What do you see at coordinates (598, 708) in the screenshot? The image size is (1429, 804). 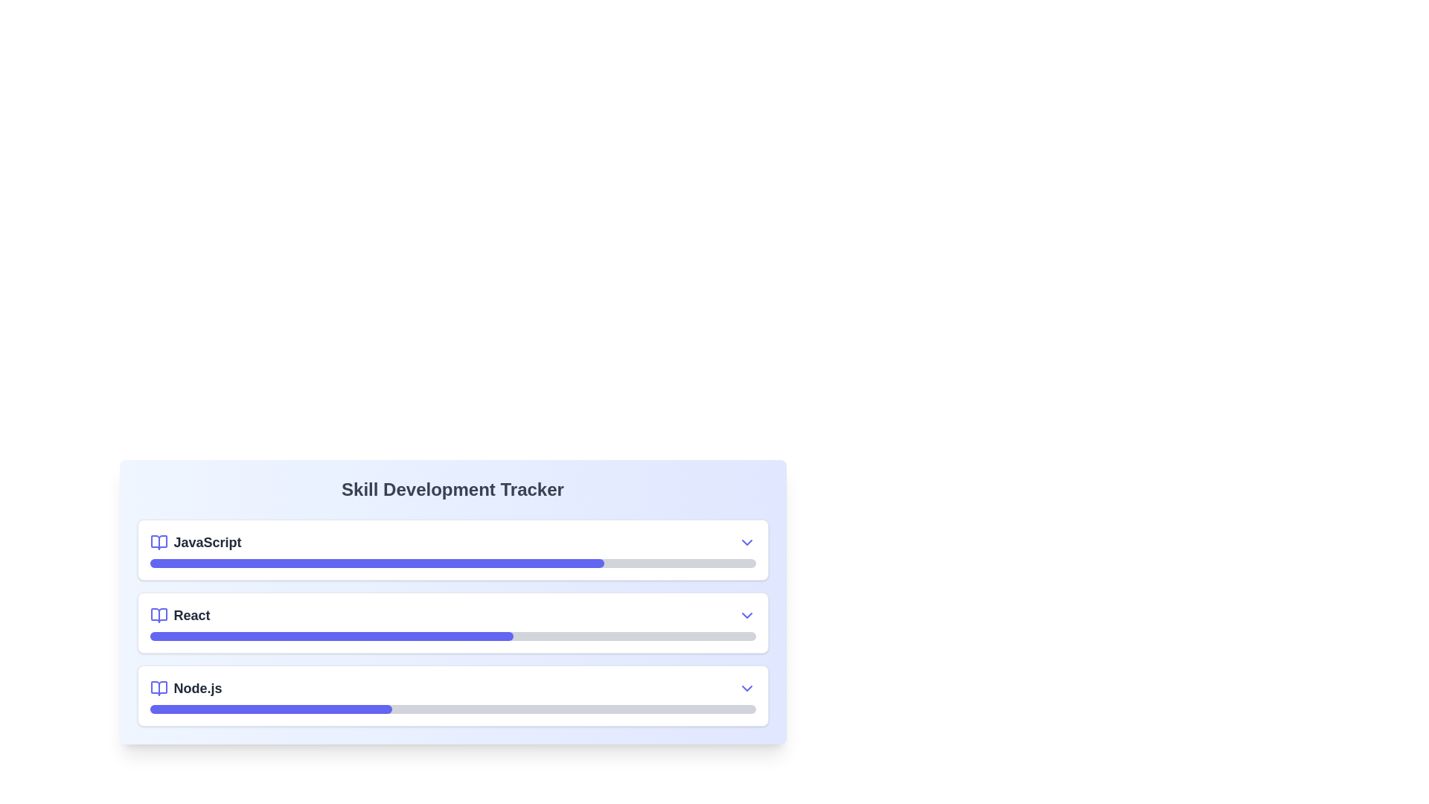 I see `the progress bar` at bounding box center [598, 708].